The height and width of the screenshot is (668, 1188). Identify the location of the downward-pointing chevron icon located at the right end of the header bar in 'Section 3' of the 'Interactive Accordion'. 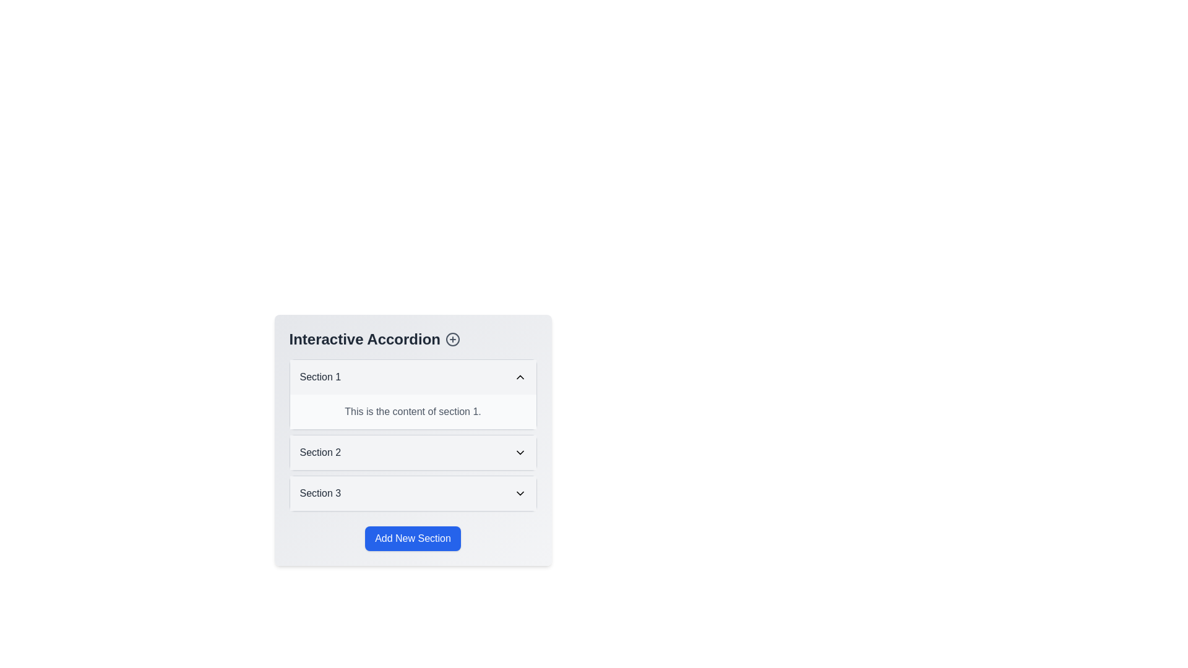
(520, 493).